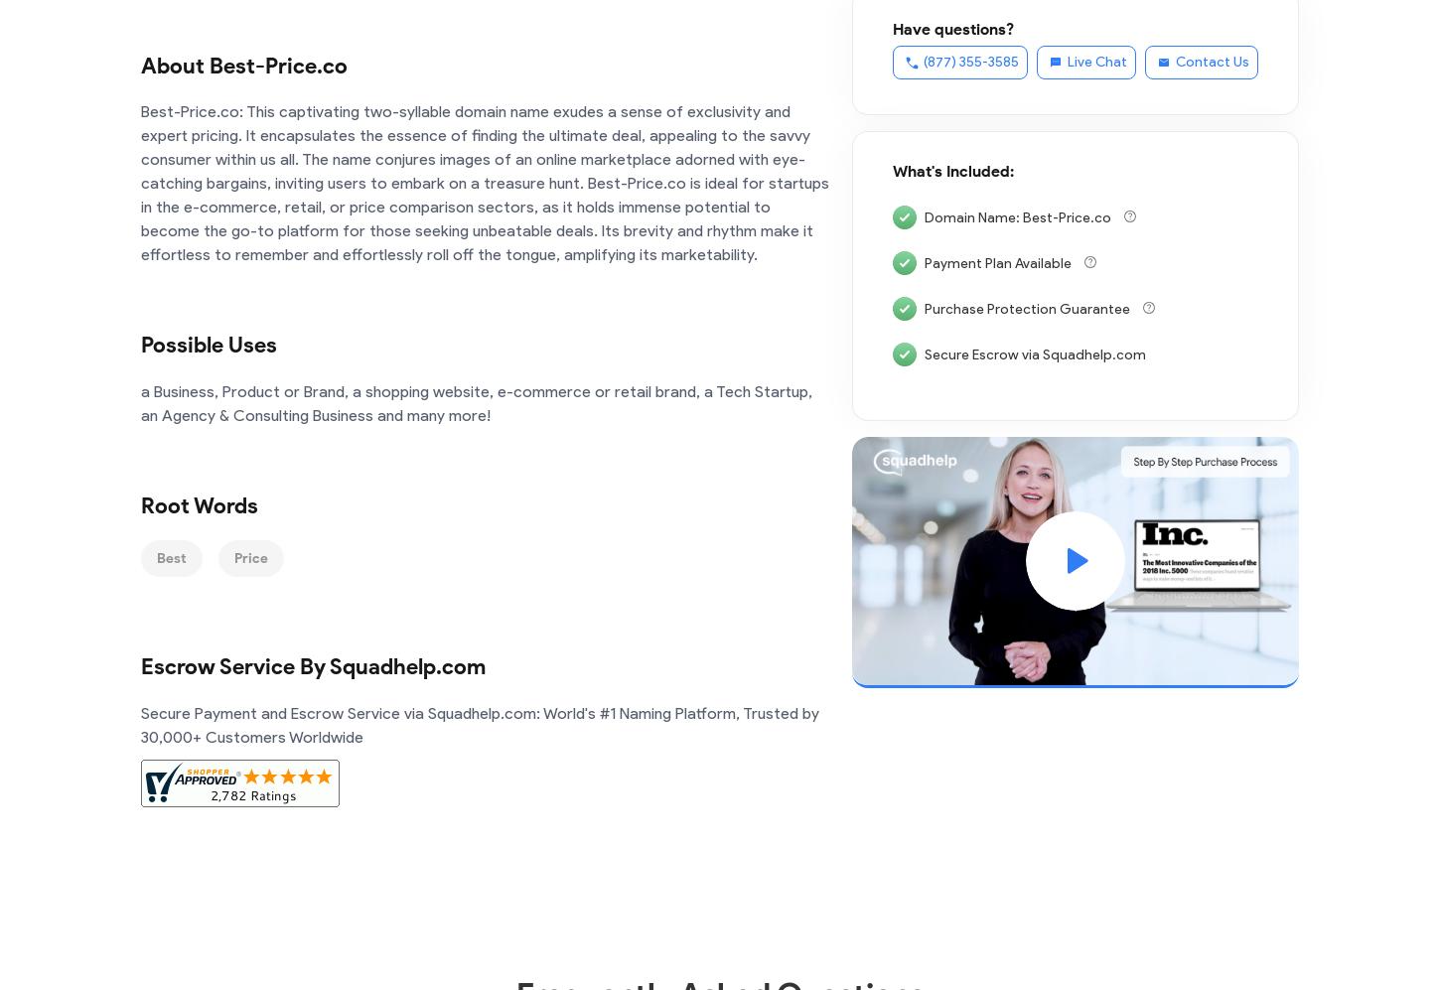 The height and width of the screenshot is (990, 1440). What do you see at coordinates (1068, 61) in the screenshot?
I see `'Live Chat'` at bounding box center [1068, 61].